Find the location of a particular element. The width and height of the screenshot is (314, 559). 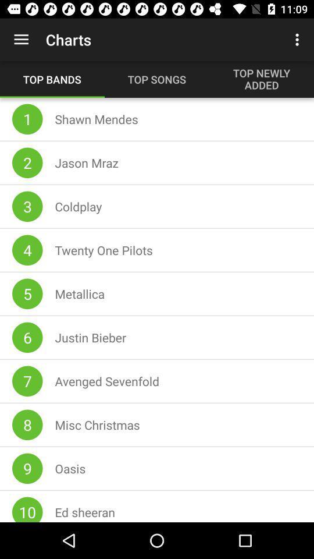

the coldplay is located at coordinates (78, 206).